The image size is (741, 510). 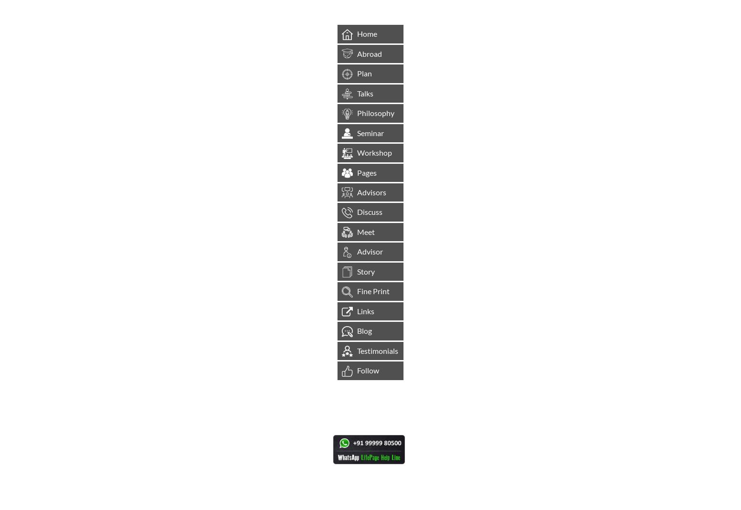 What do you see at coordinates (354, 212) in the screenshot?
I see `'Discuss'` at bounding box center [354, 212].